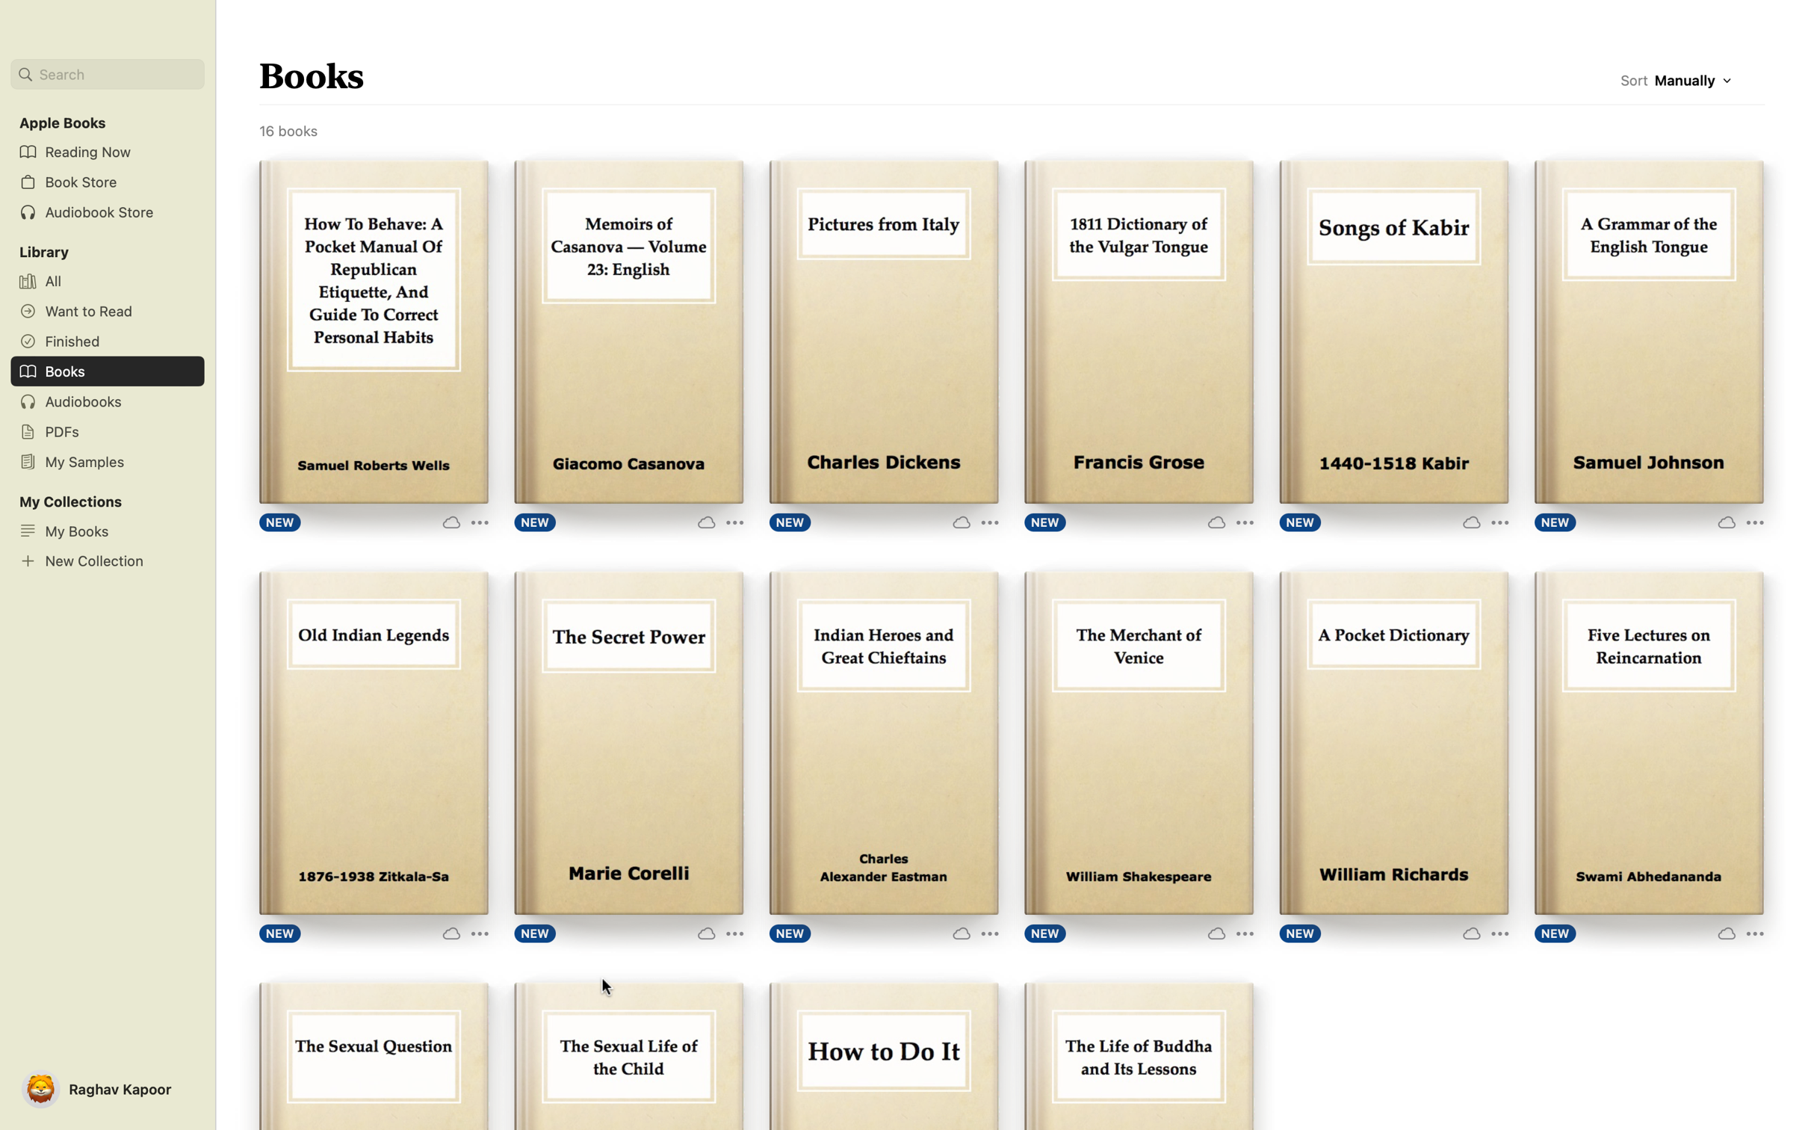  What do you see at coordinates (972, 521) in the screenshot?
I see `"More Options" for the "Pictures from Italy" book` at bounding box center [972, 521].